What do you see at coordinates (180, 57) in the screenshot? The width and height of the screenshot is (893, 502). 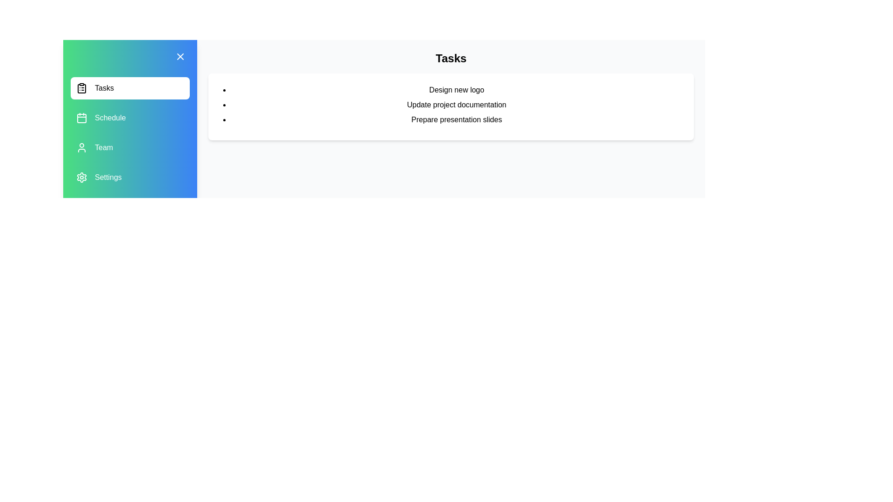 I see `the toggle button to toggle the drawer open or closed` at bounding box center [180, 57].